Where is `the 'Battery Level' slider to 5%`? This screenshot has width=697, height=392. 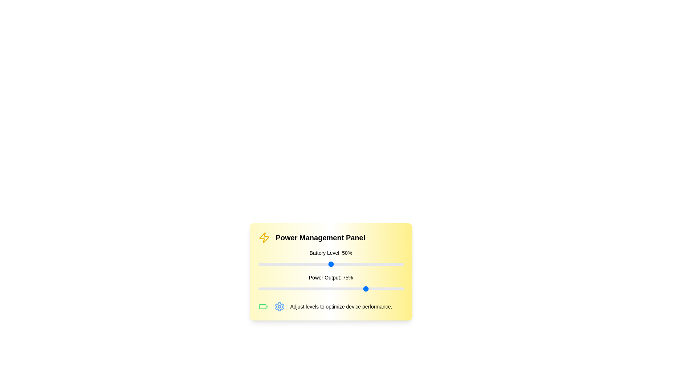 the 'Battery Level' slider to 5% is located at coordinates (265, 264).